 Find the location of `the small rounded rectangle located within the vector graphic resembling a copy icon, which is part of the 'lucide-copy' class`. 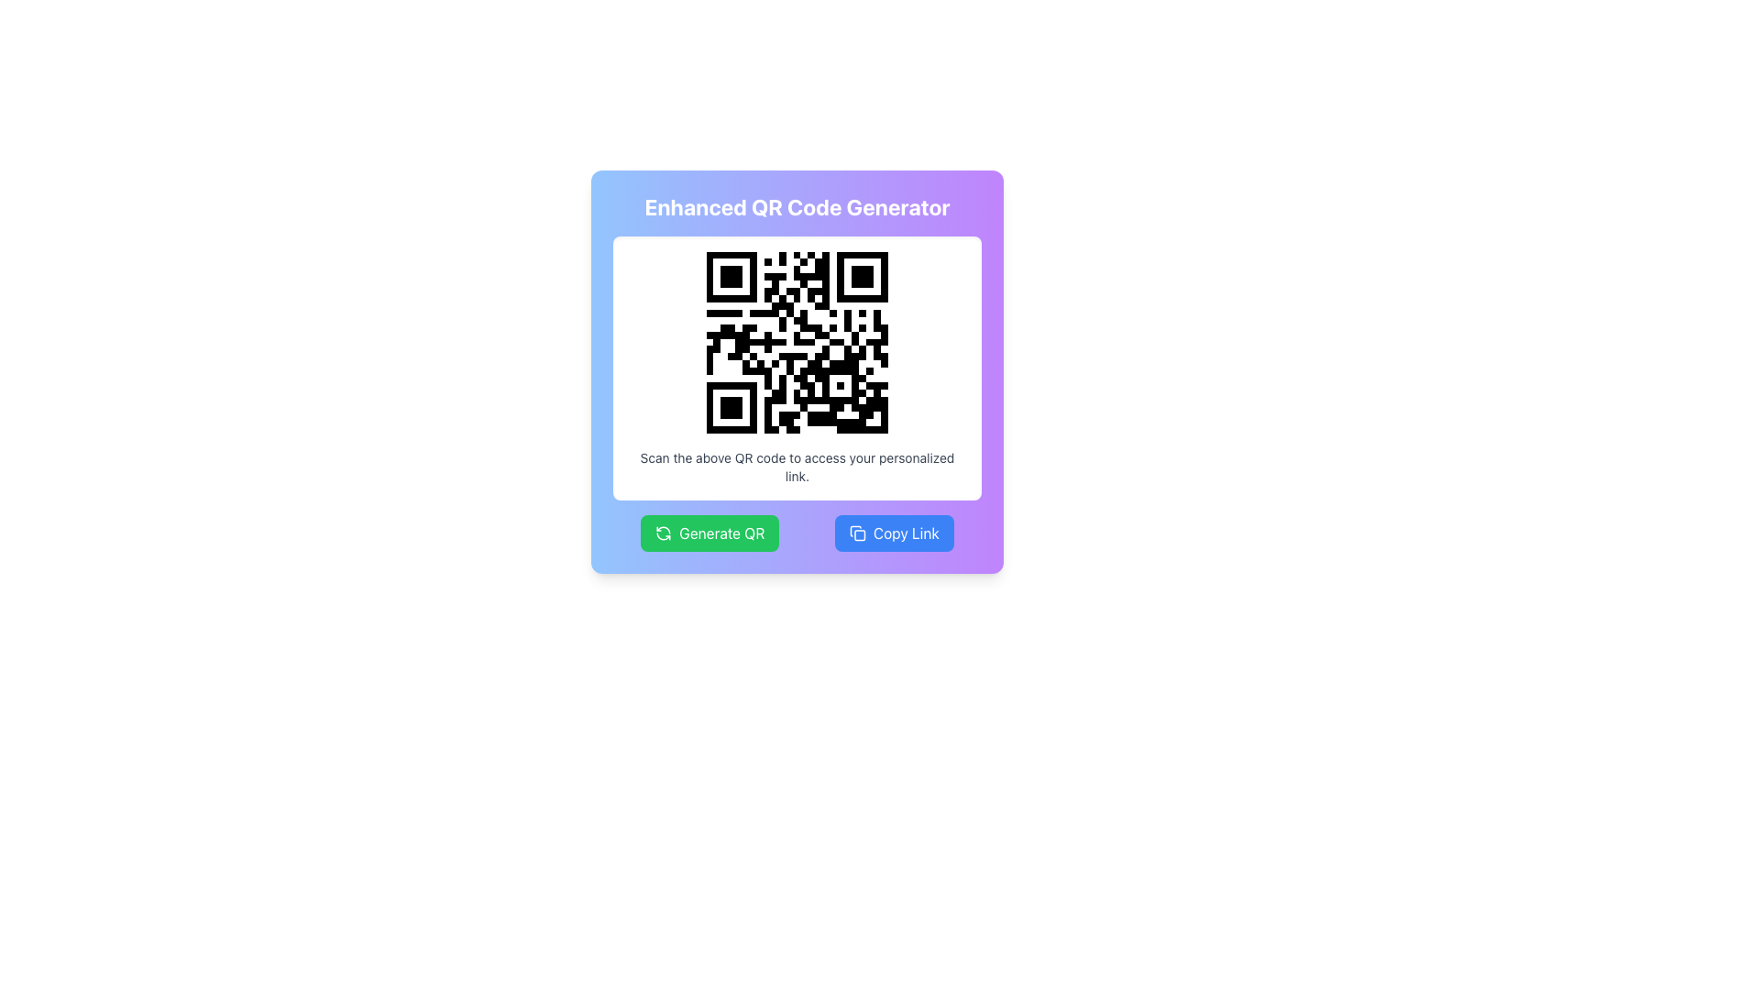

the small rounded rectangle located within the vector graphic resembling a copy icon, which is part of the 'lucide-copy' class is located at coordinates (859, 535).